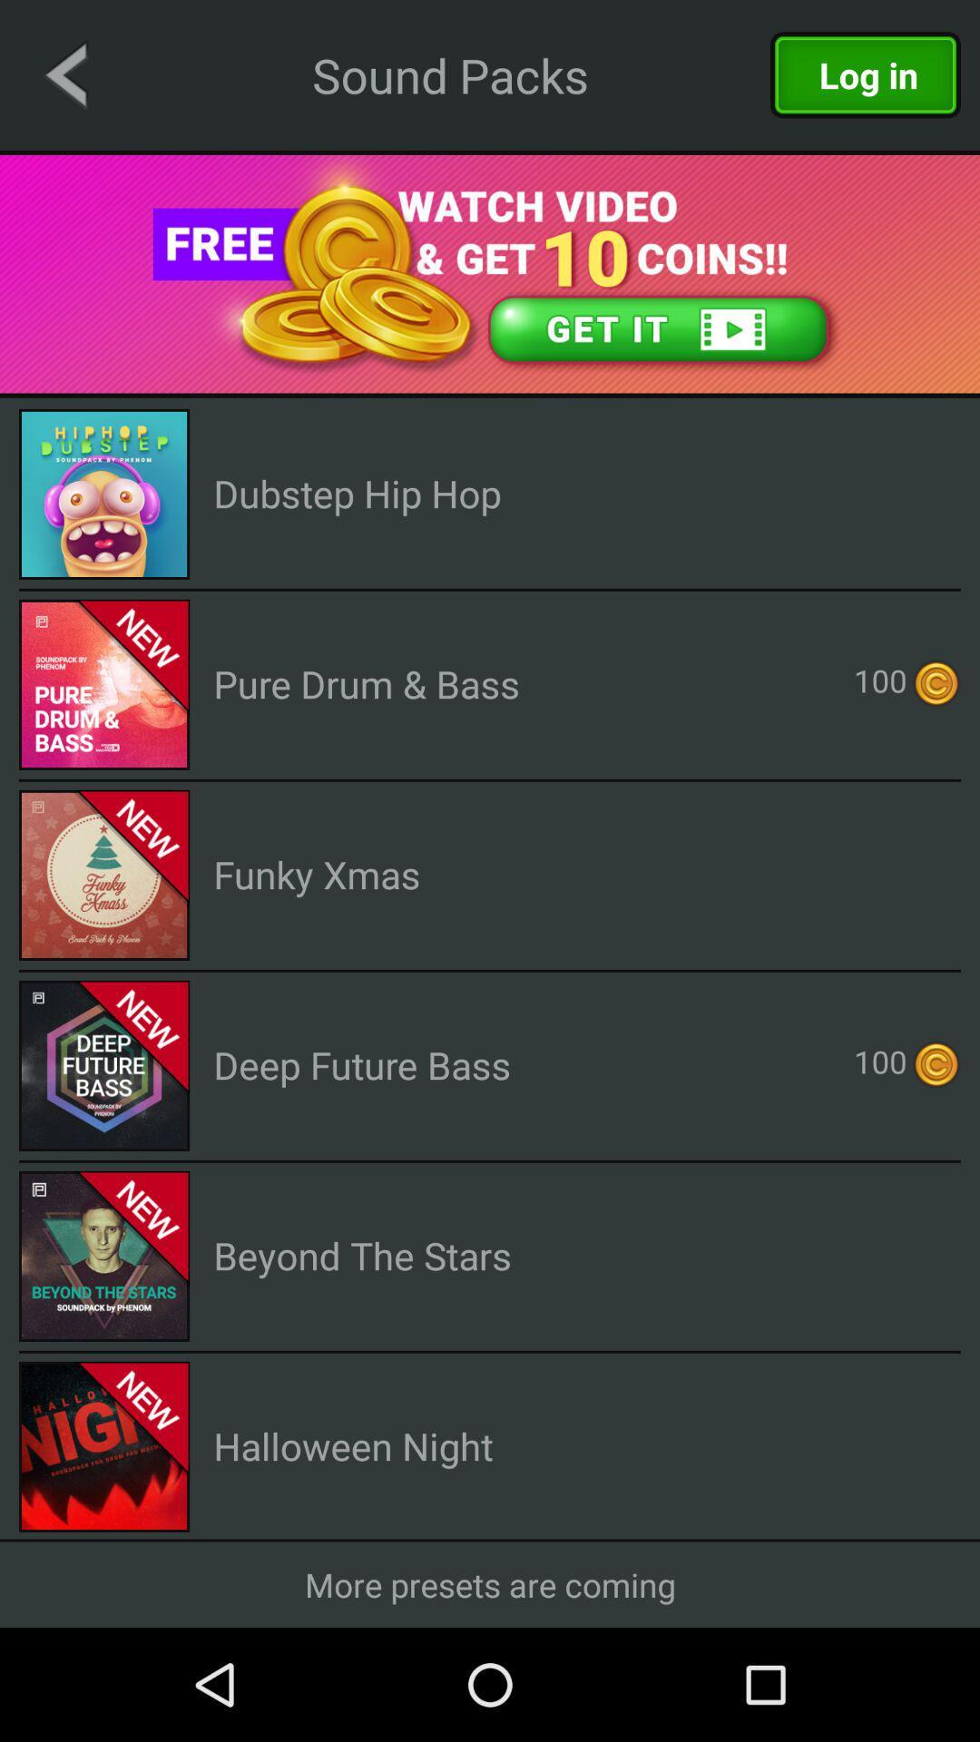 The width and height of the screenshot is (980, 1742). What do you see at coordinates (358, 493) in the screenshot?
I see `dubstep hip hop` at bounding box center [358, 493].